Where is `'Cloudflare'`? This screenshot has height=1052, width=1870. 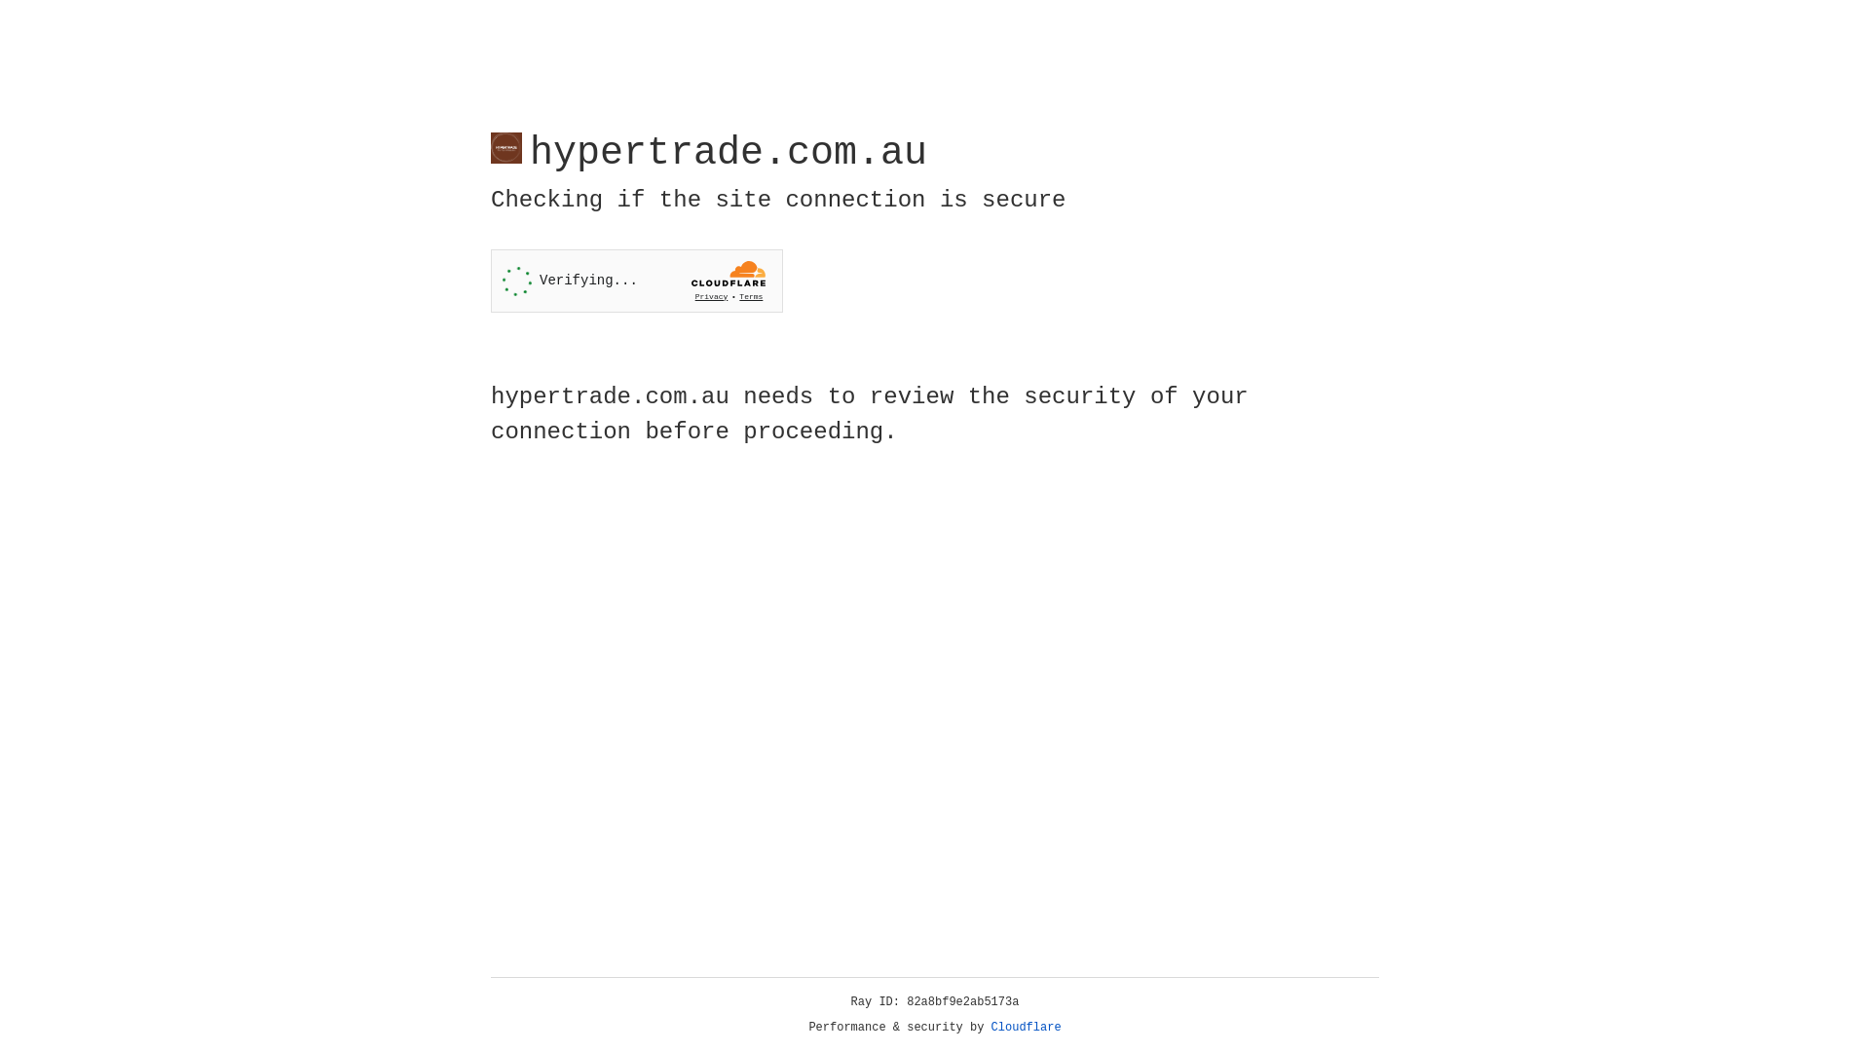
'Cloudflare' is located at coordinates (1026, 1027).